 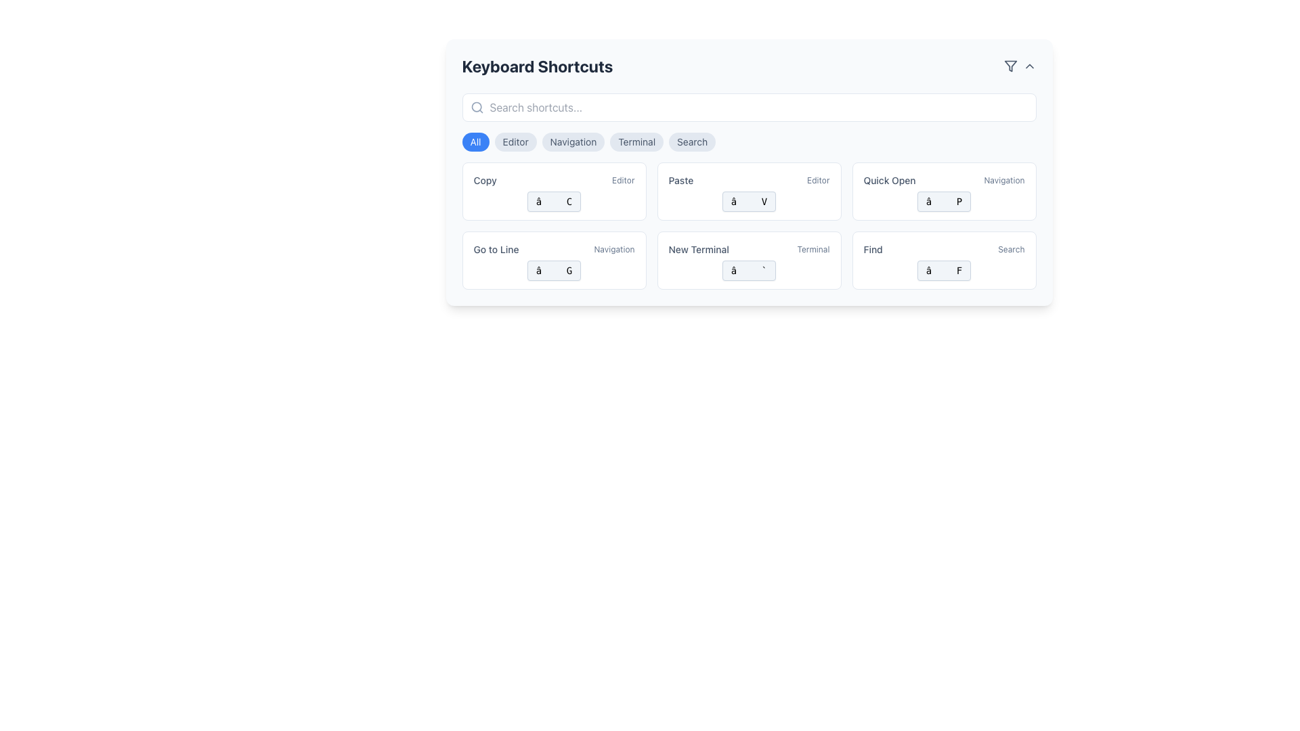 What do you see at coordinates (1020, 66) in the screenshot?
I see `the Composite Button with Icon elements located in the top-right corner of the interface, which includes a filter symbol and a downward-facing chevron icon` at bounding box center [1020, 66].